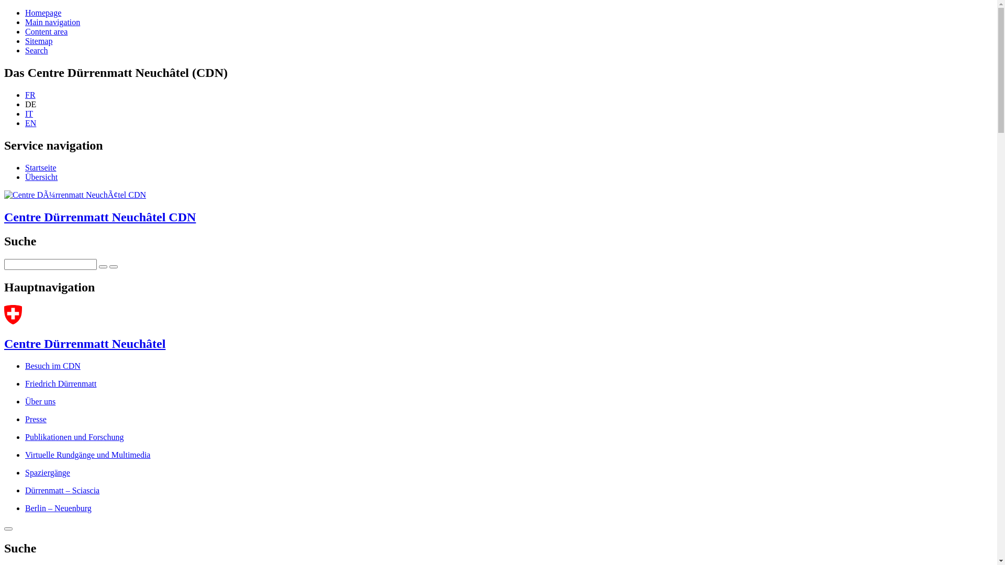 This screenshot has width=1005, height=565. What do you see at coordinates (52, 365) in the screenshot?
I see `'Besuch im CDN'` at bounding box center [52, 365].